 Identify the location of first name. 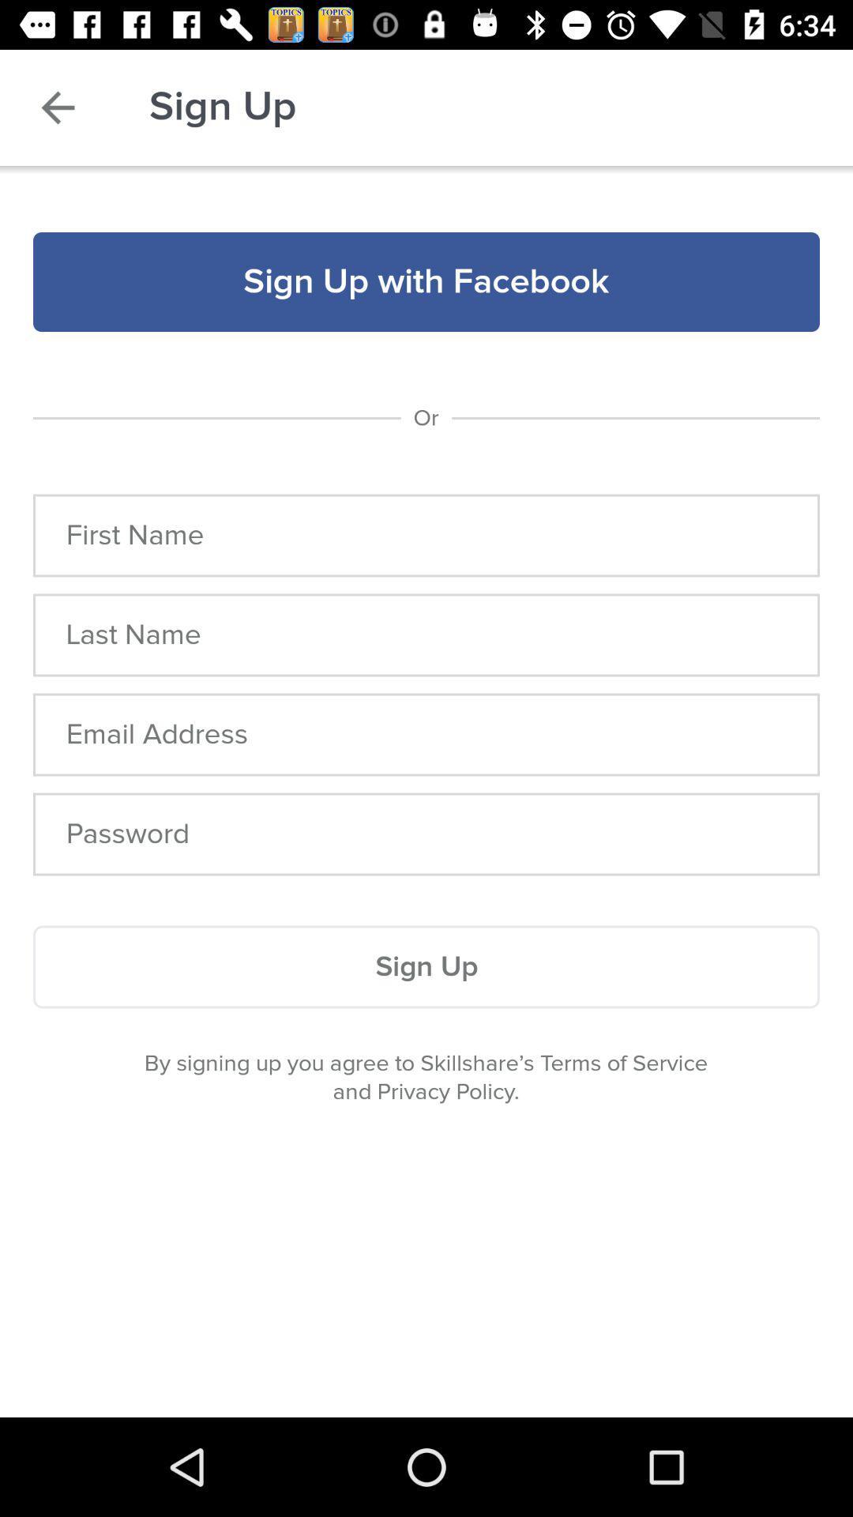
(426, 535).